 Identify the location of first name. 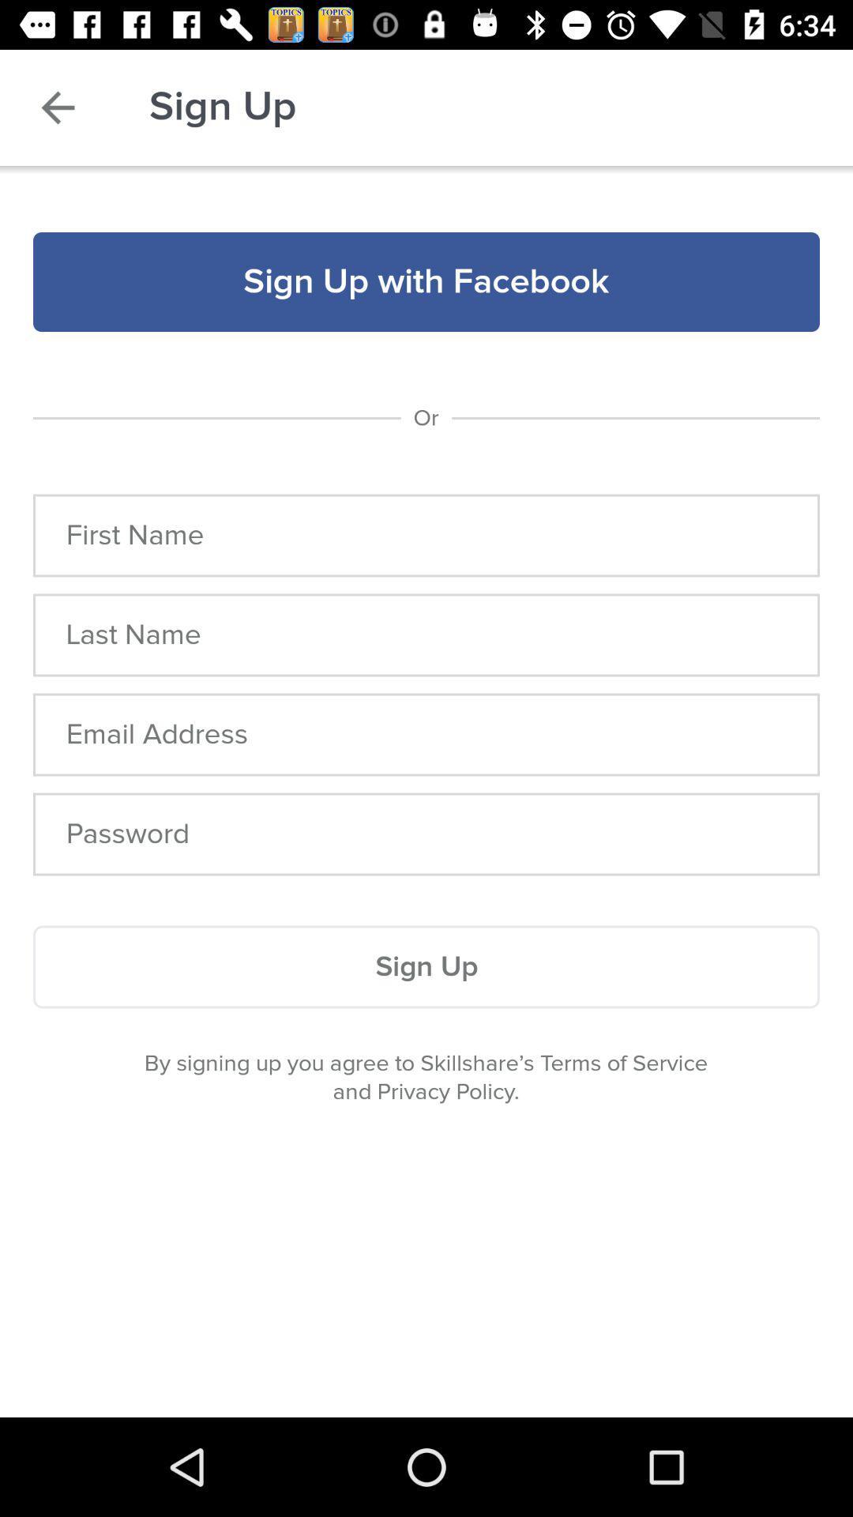
(426, 535).